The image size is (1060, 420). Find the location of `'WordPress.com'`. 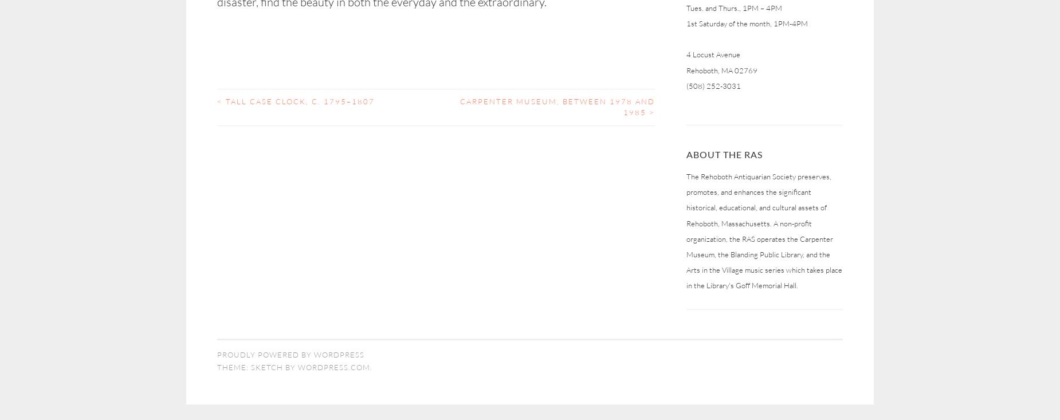

'WordPress.com' is located at coordinates (333, 366).